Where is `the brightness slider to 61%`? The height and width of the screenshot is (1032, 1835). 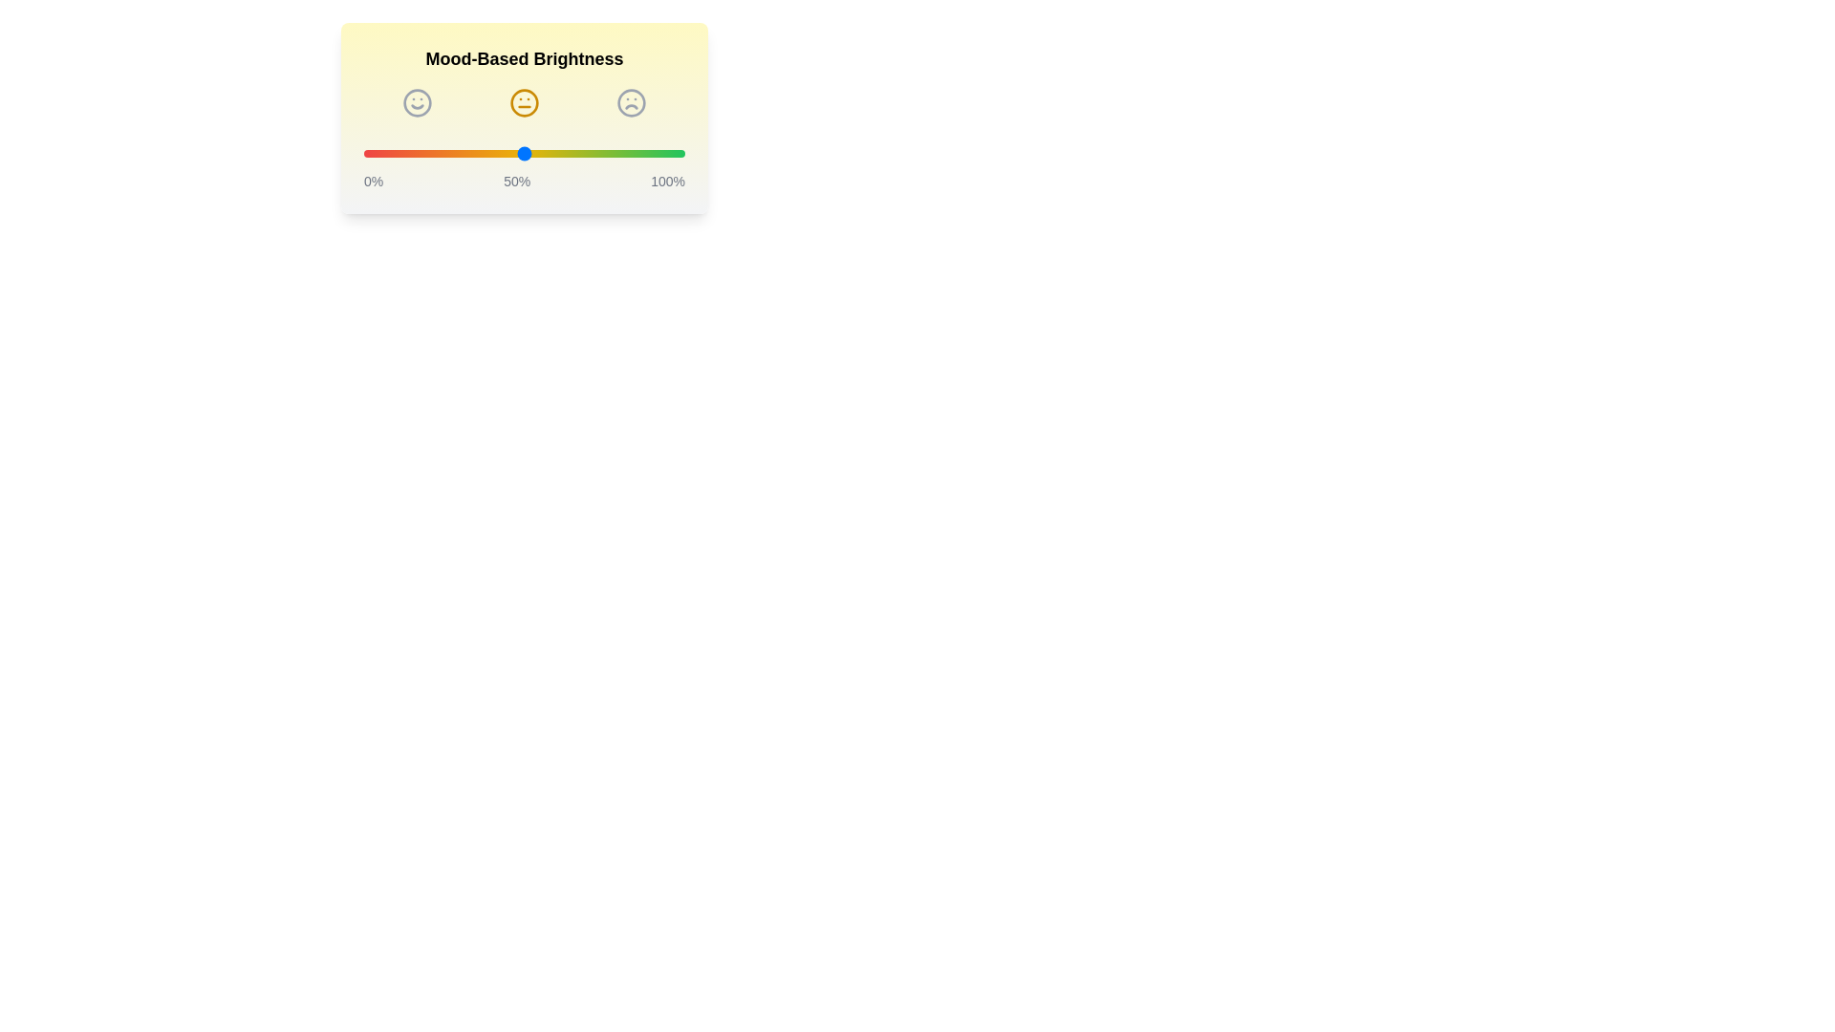 the brightness slider to 61% is located at coordinates (558, 153).